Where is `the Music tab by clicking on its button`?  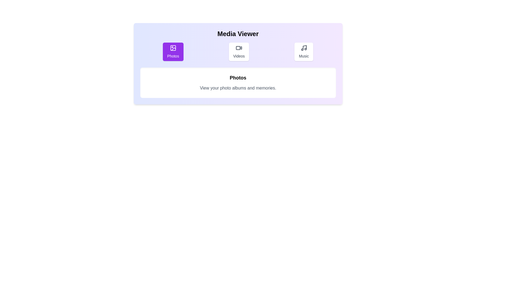
the Music tab by clicking on its button is located at coordinates (303, 52).